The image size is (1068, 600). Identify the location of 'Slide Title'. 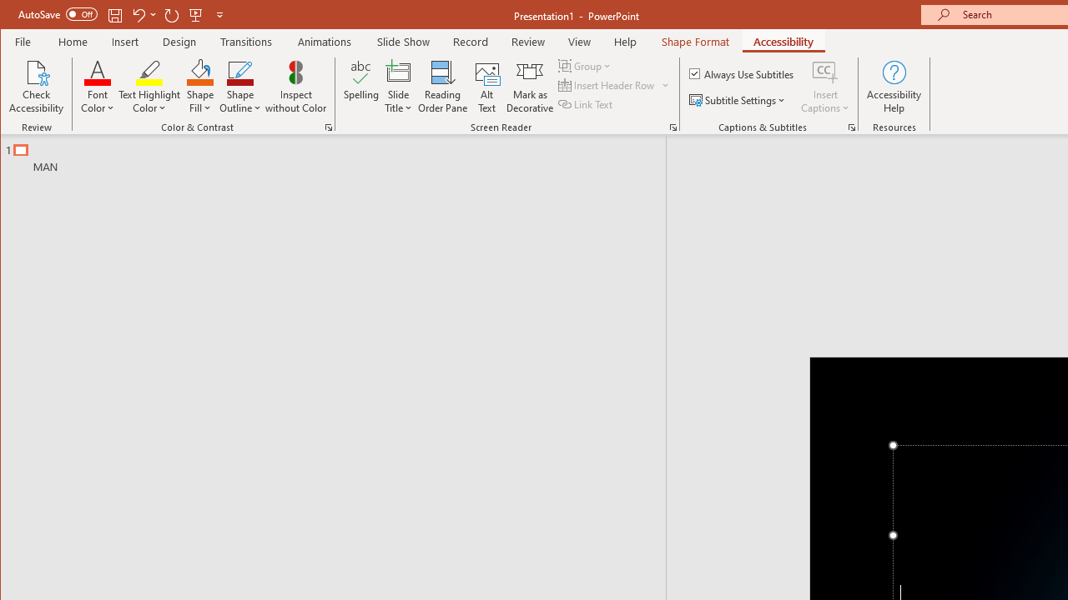
(398, 71).